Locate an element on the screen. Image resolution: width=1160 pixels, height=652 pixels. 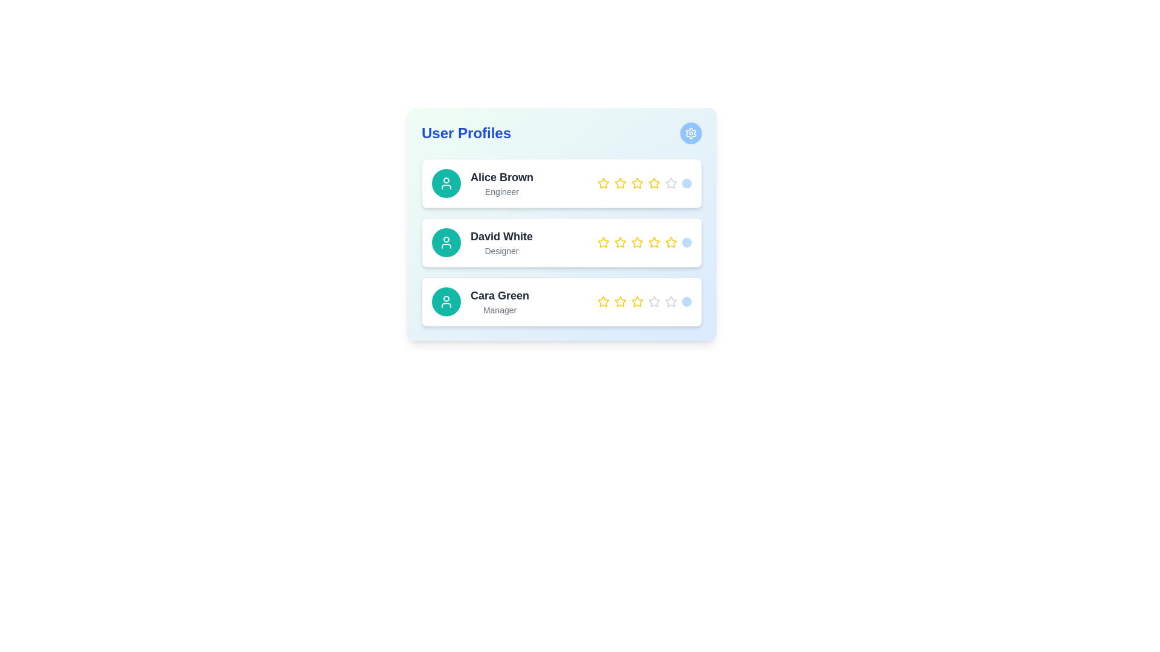
the first star-shaped icon with a yellow outline in the rating row for the 'Cara Green - Manager' user profile is located at coordinates (603, 301).